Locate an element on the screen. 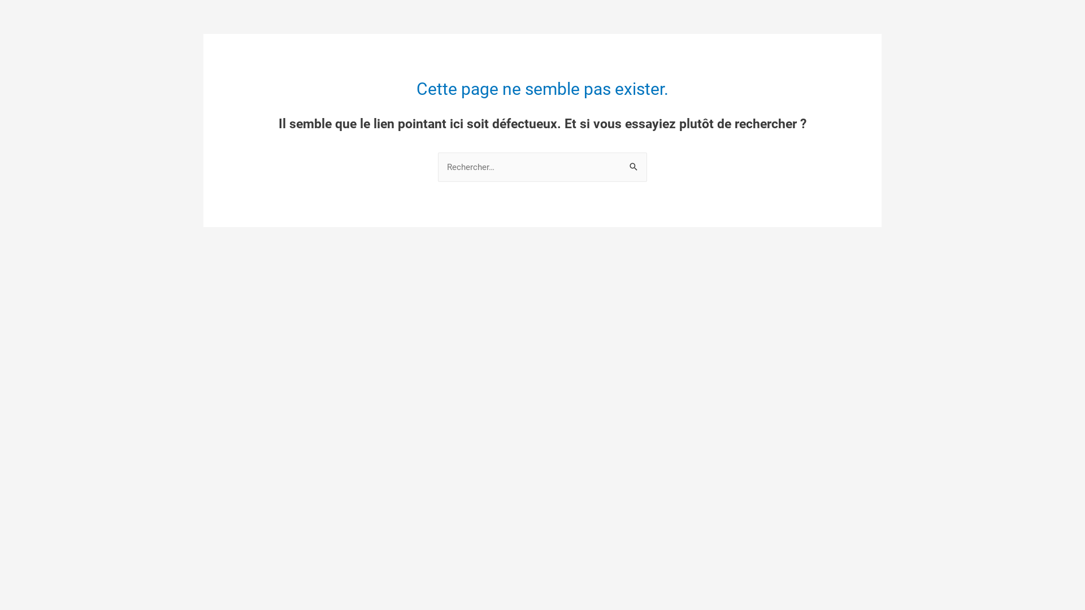  'Rechercher' is located at coordinates (634, 164).